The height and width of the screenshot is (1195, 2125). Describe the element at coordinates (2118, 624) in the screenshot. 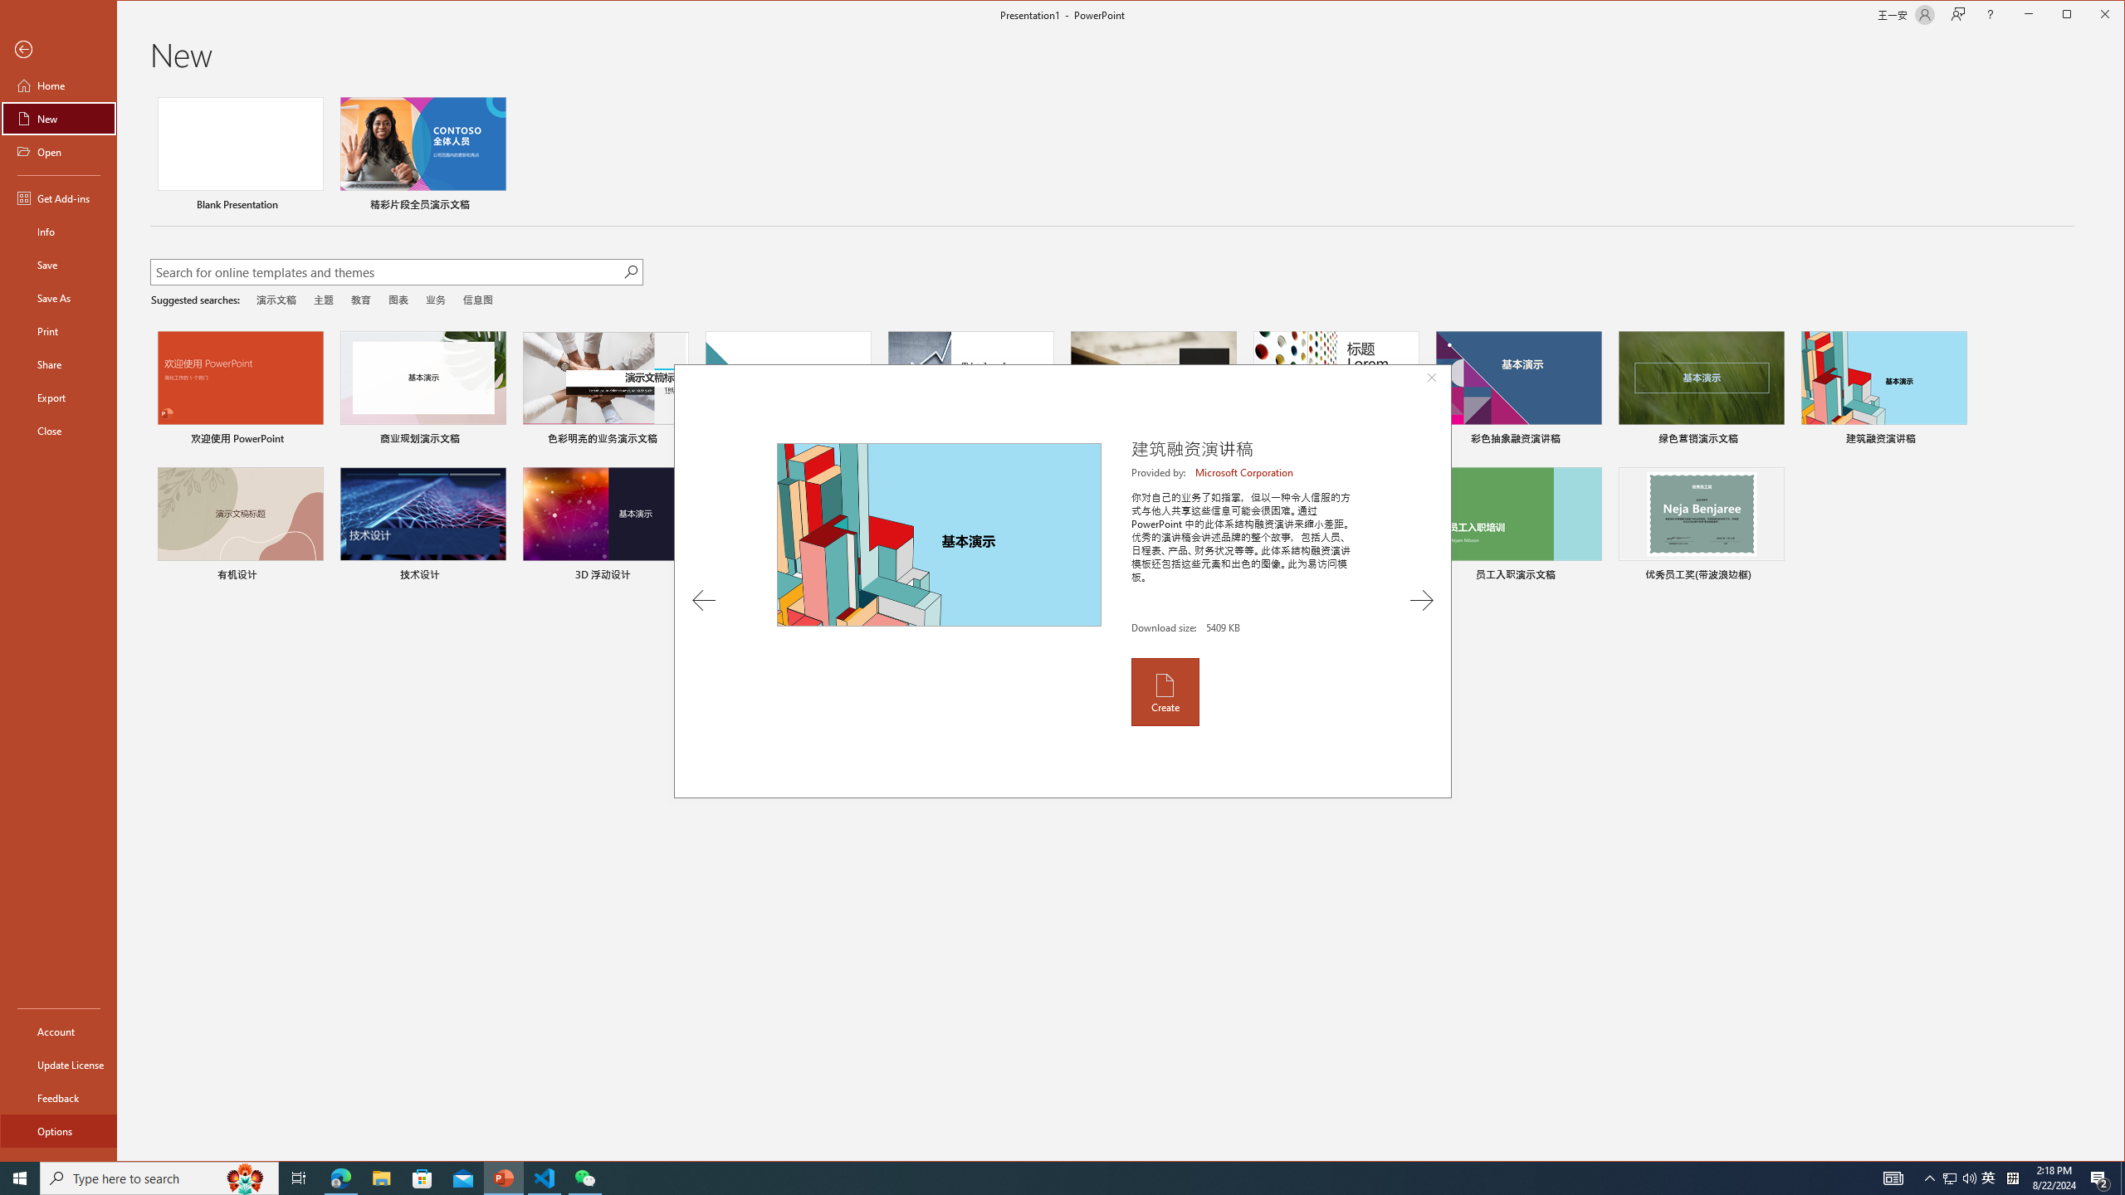

I see `'Class: NetUIScrollBar'` at that location.